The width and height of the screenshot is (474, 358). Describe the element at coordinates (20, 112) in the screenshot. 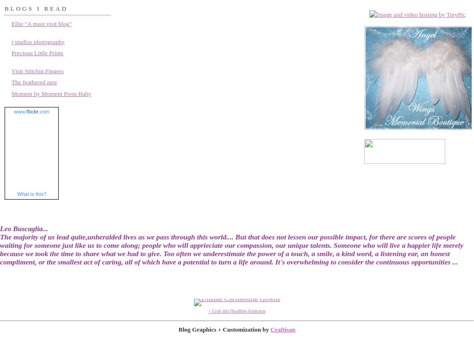

I see `'www.'` at that location.